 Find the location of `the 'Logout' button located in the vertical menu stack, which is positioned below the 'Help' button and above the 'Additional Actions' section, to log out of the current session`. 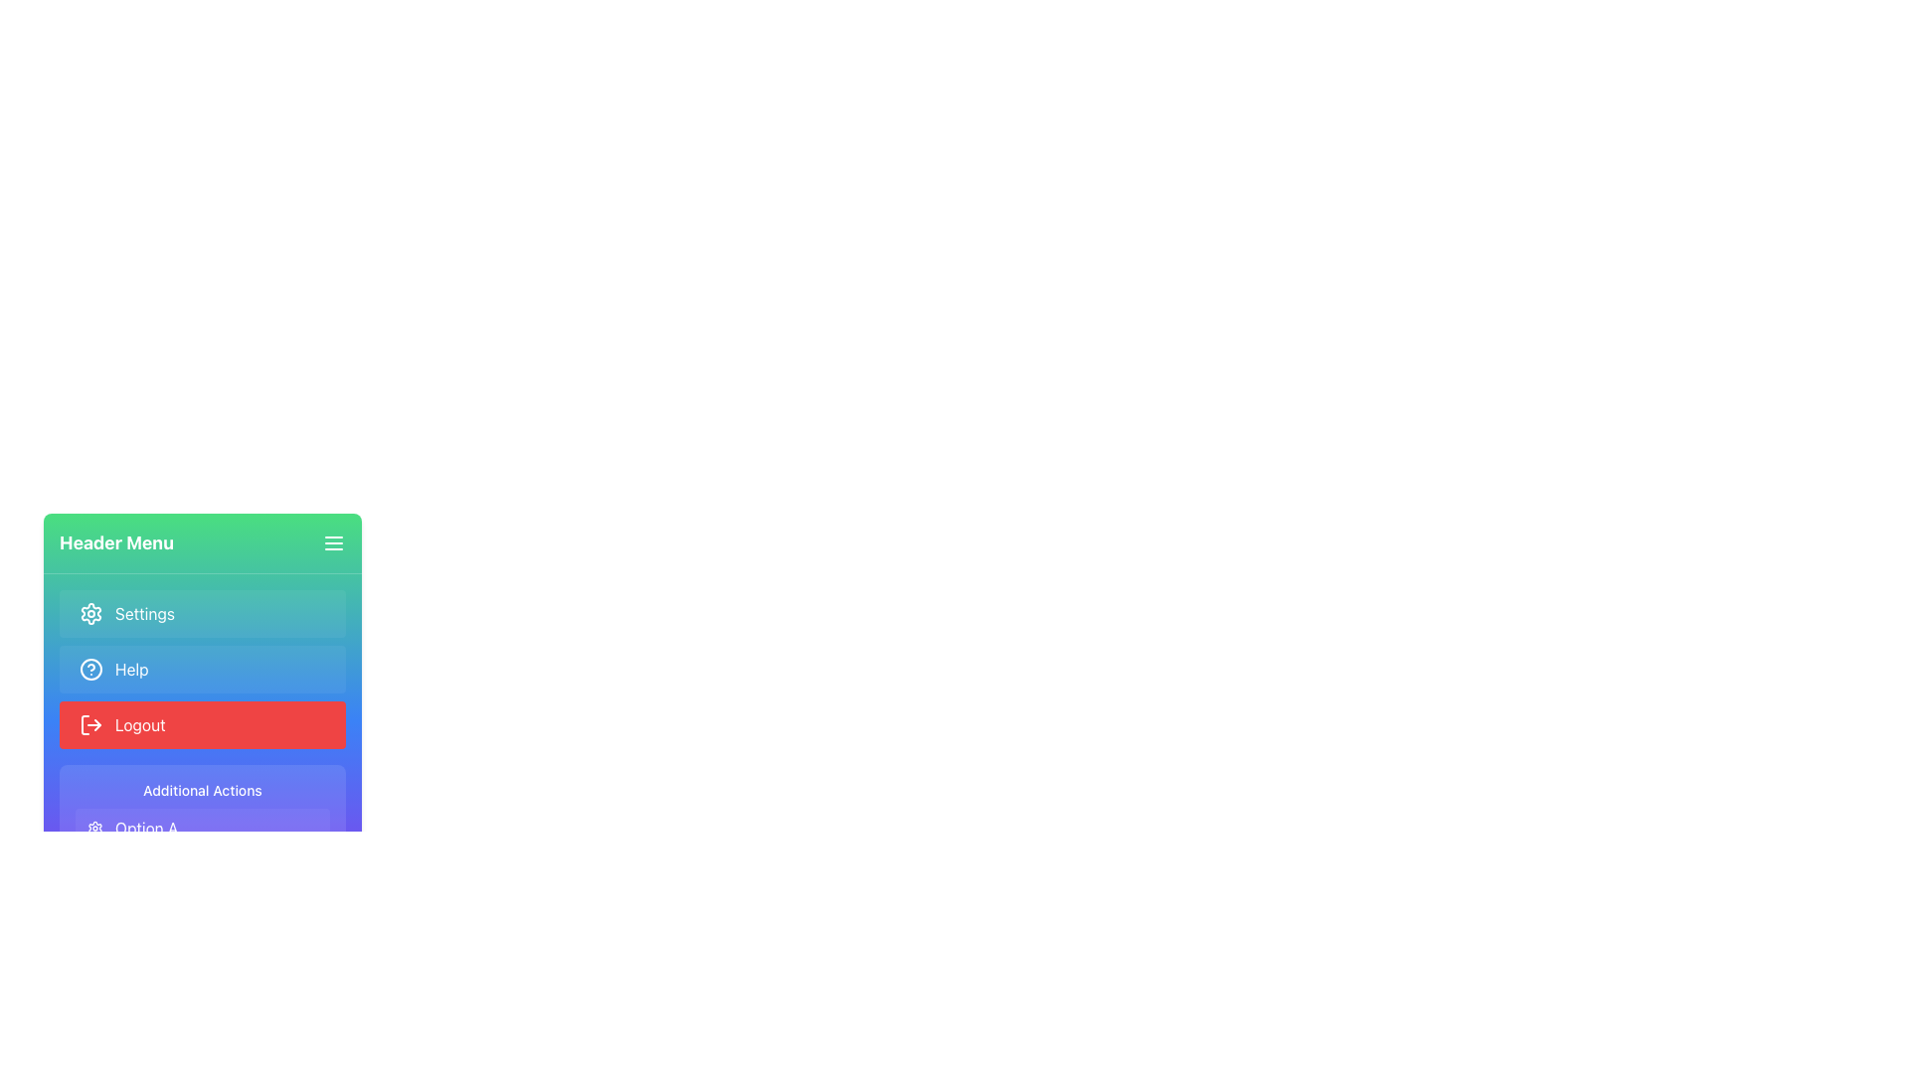

the 'Logout' button located in the vertical menu stack, which is positioned below the 'Help' button and above the 'Additional Actions' section, to log out of the current session is located at coordinates (202, 720).